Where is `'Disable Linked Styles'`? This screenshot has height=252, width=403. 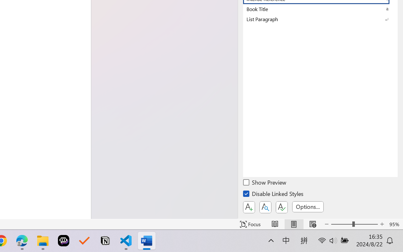
'Disable Linked Styles' is located at coordinates (274, 195).